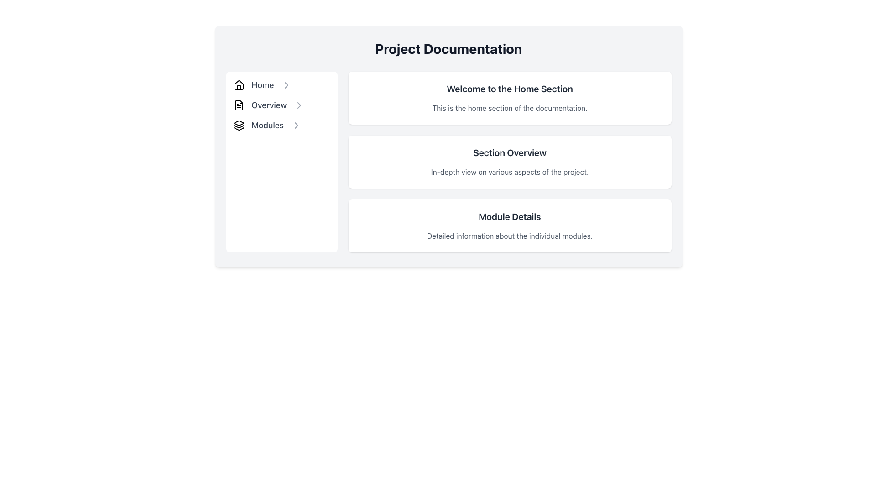 The image size is (876, 493). I want to click on the rightward-pointing arrow icon located to the right of the 'Overview' label in the navigation menu, so click(299, 105).